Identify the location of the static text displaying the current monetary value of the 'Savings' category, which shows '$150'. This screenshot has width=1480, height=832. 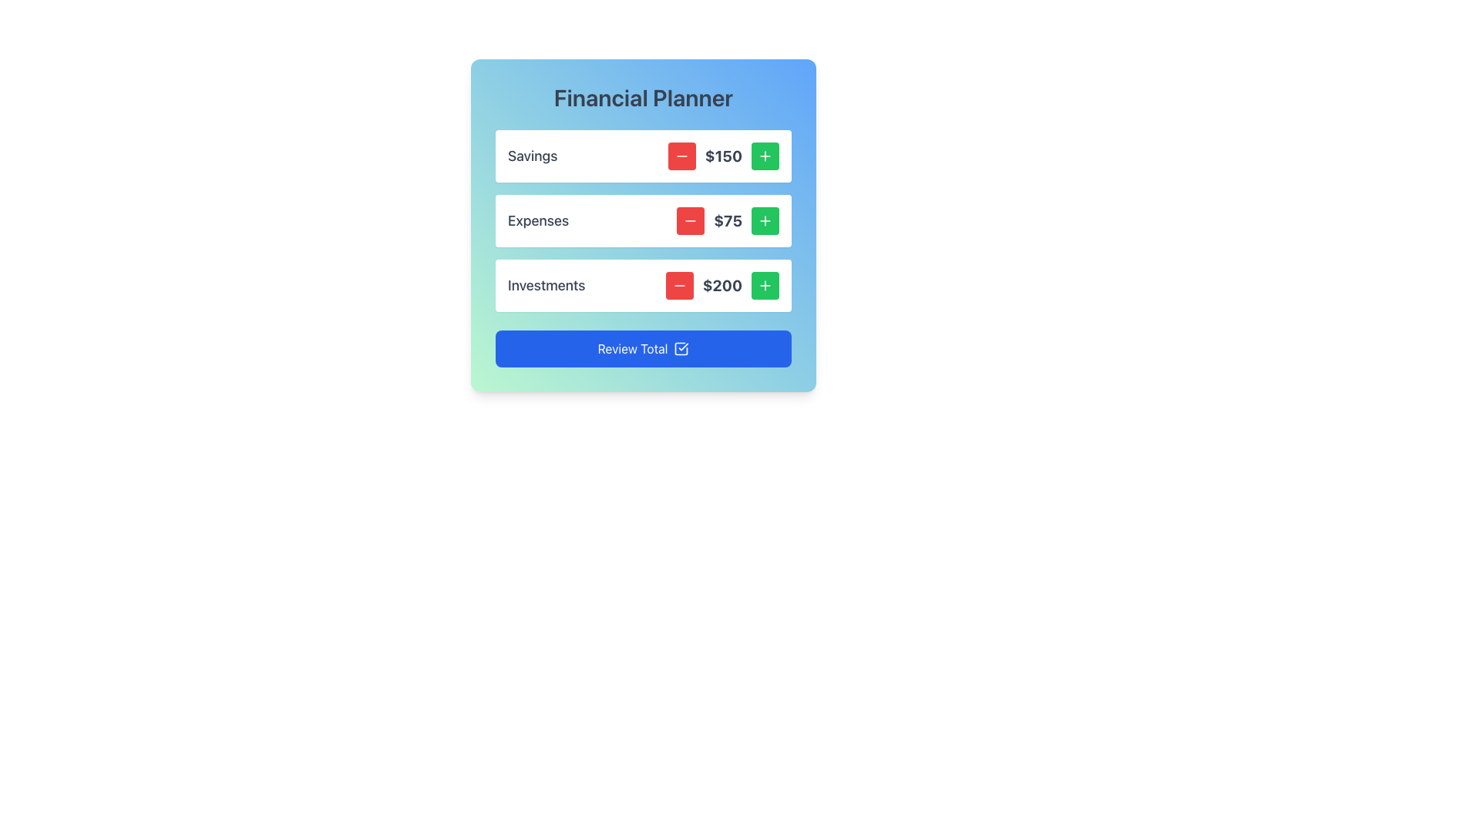
(722, 156).